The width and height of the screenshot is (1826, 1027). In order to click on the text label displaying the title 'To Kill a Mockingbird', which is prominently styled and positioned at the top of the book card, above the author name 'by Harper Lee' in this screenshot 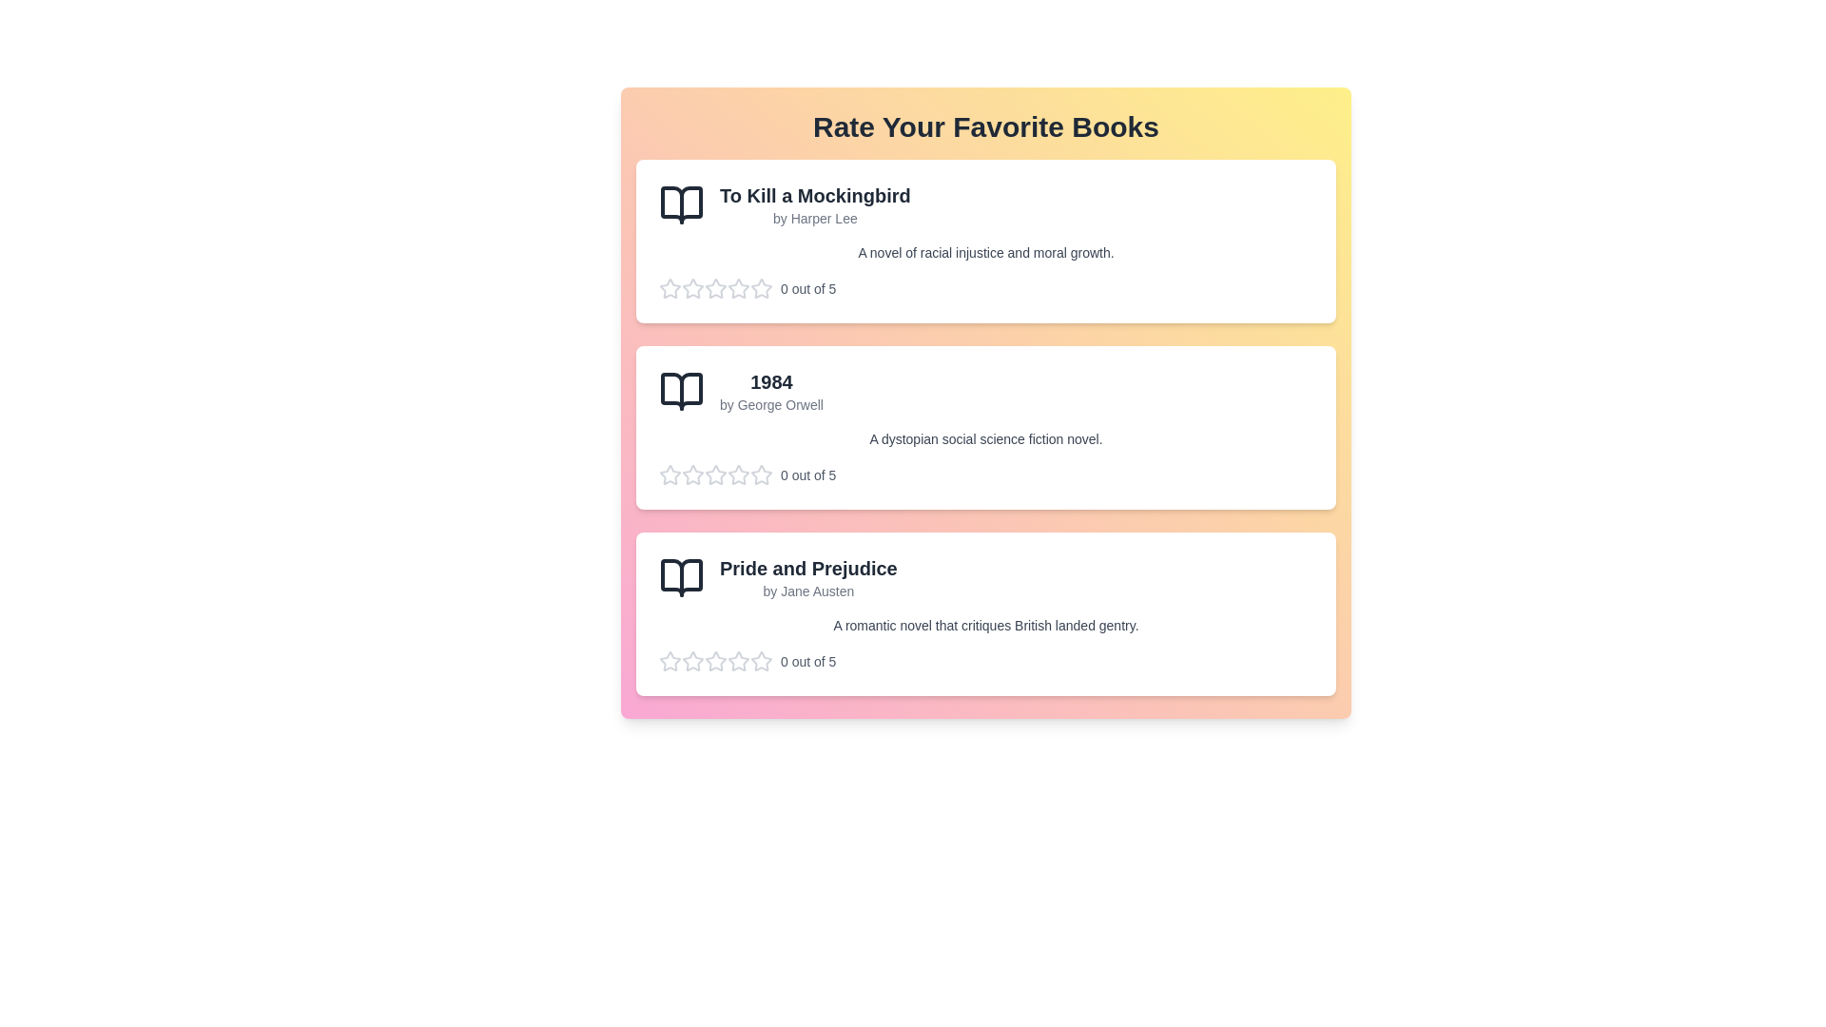, I will do `click(815, 195)`.